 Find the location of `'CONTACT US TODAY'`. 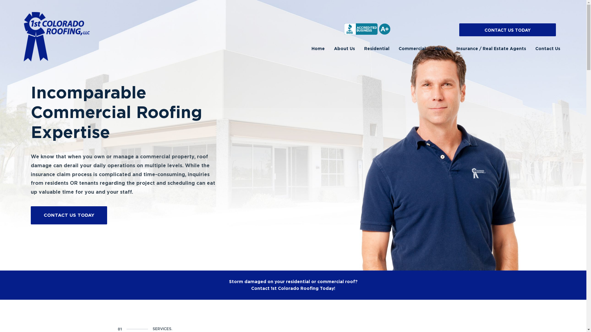

'CONTACT US TODAY' is located at coordinates (508, 30).